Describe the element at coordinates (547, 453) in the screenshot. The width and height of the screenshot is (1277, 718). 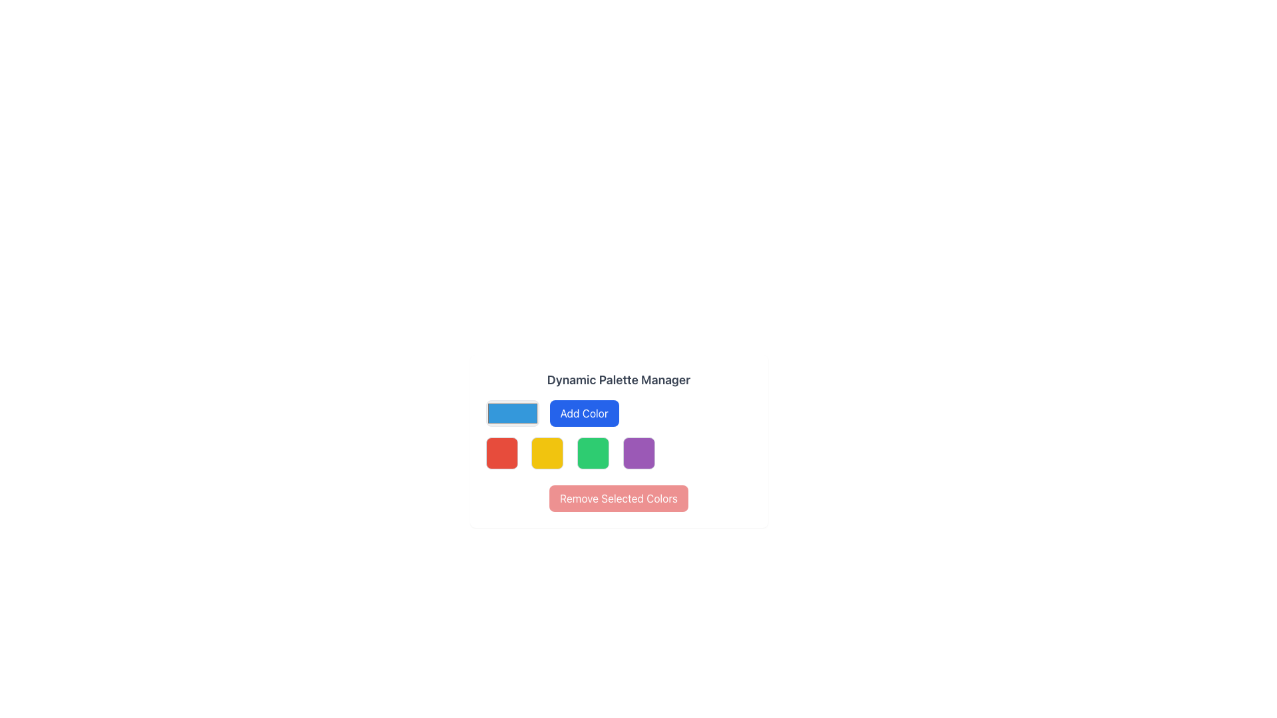
I see `the yellow square color tile, which is the second item in the first row of a three-by-three grid` at that location.